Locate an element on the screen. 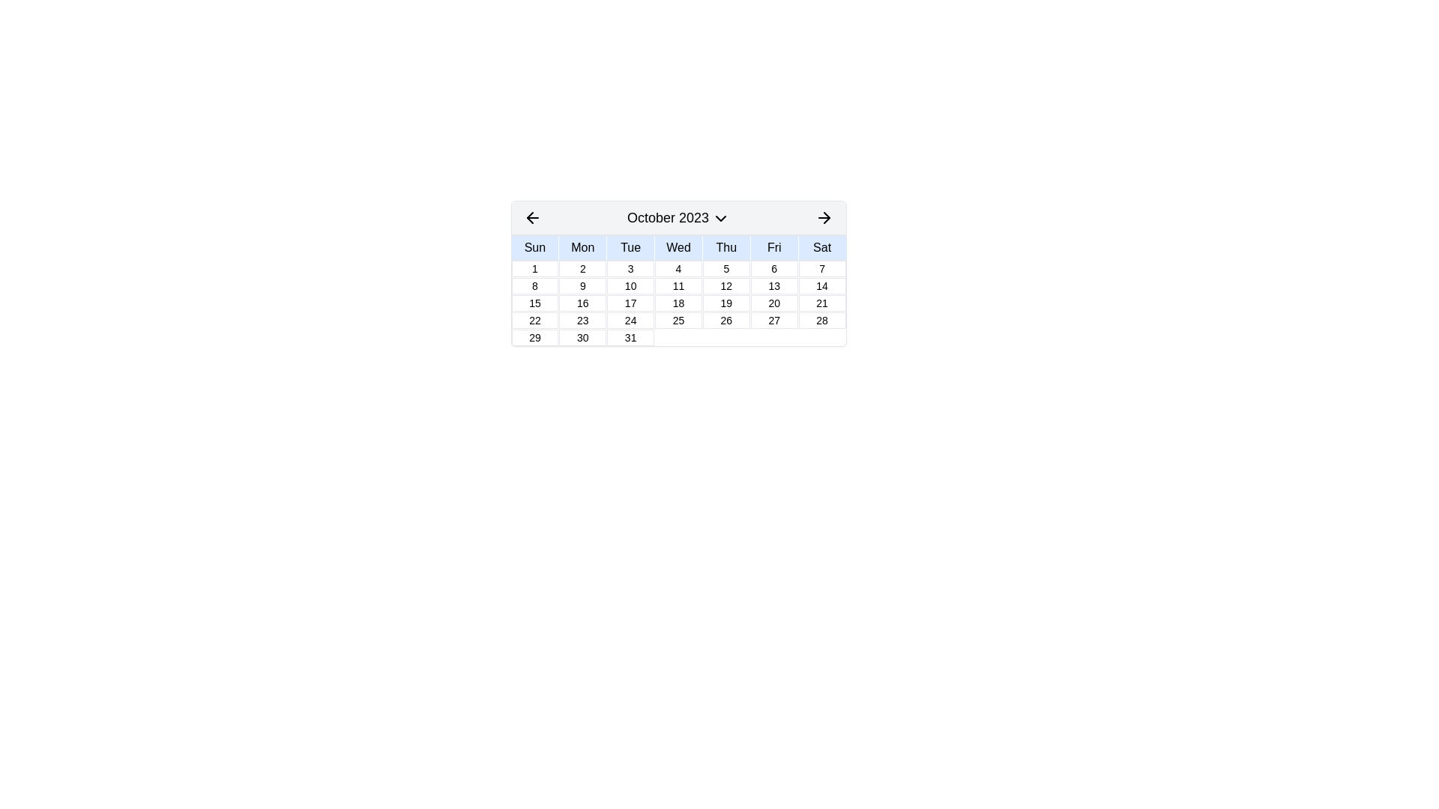 The height and width of the screenshot is (809, 1439). numerical text '13' from the centered text label located in the Friday column of the calendar grid is located at coordinates (774, 285).